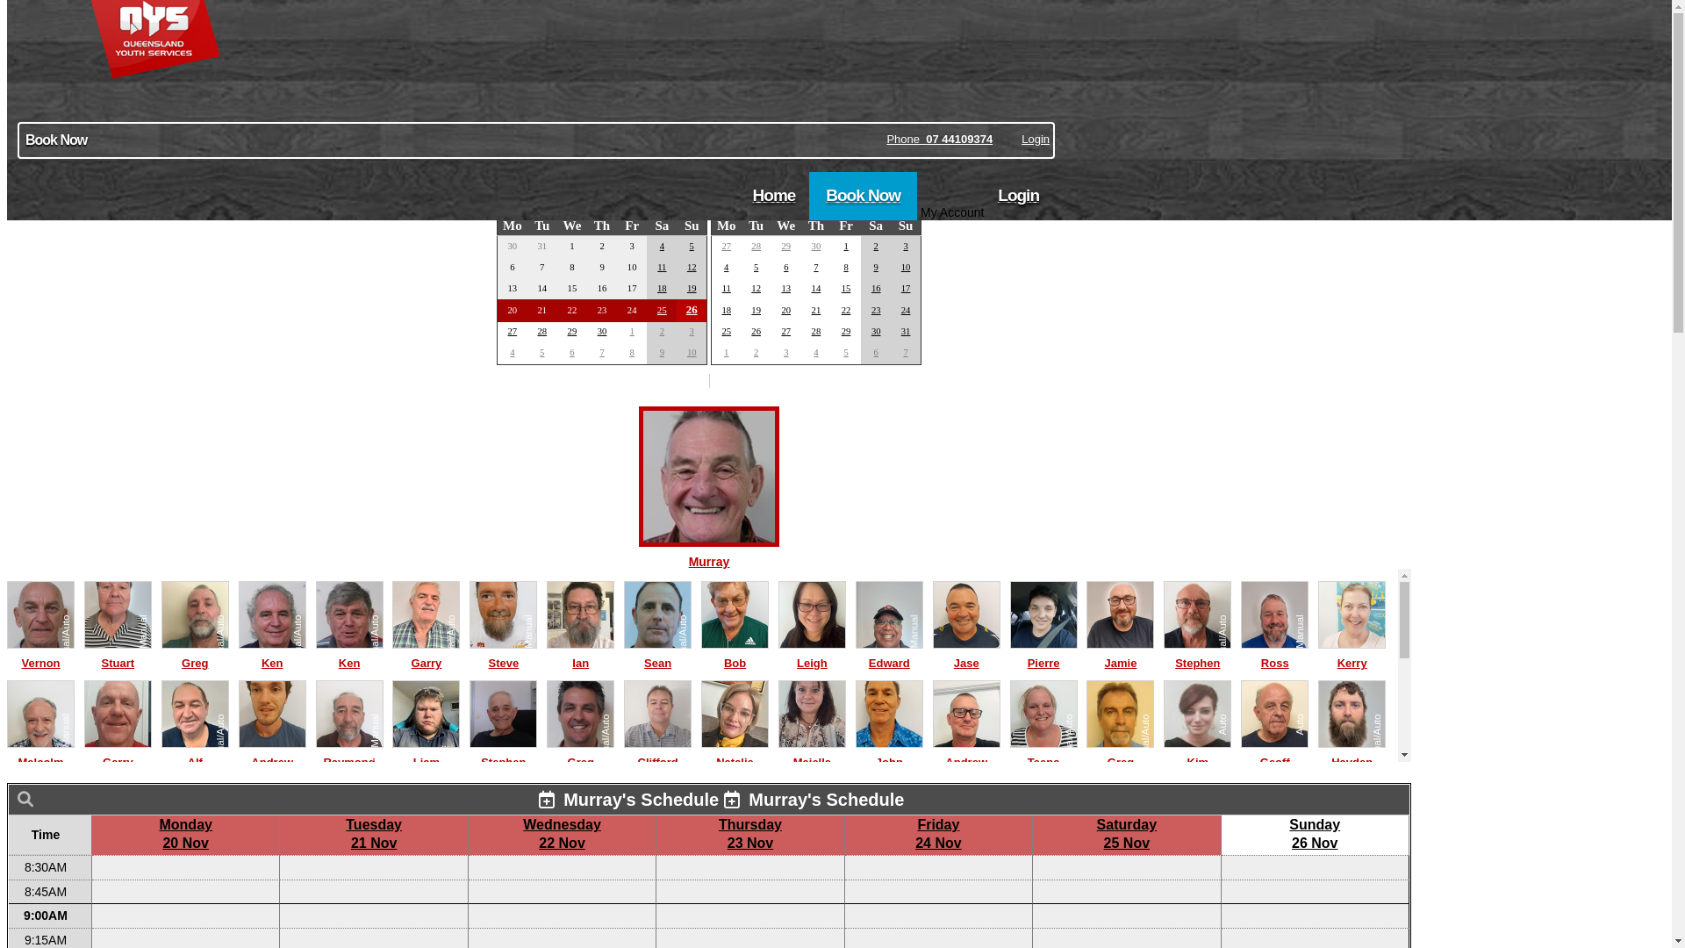  Describe the element at coordinates (117, 752) in the screenshot. I see `'Garry'` at that location.